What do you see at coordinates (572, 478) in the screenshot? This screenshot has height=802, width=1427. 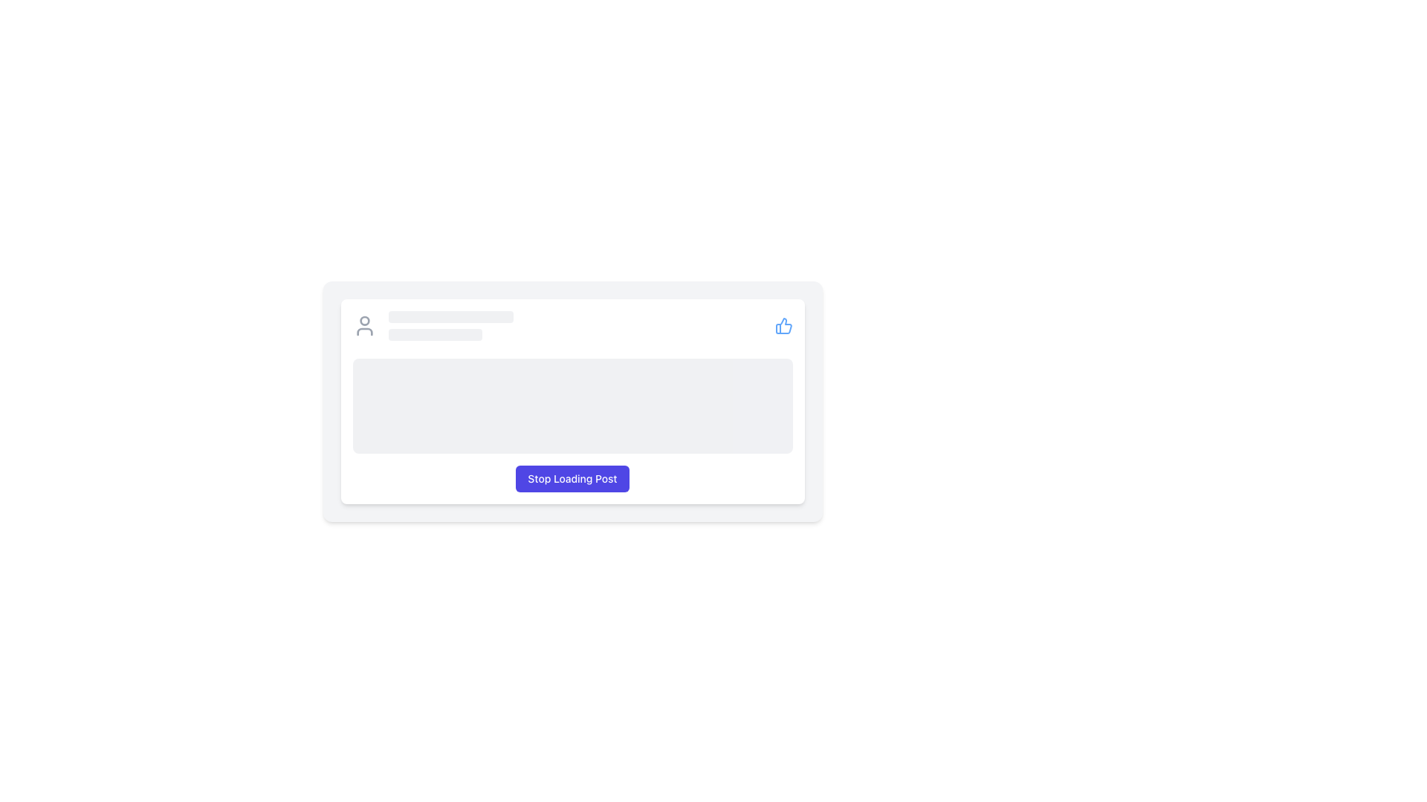 I see `the rectangular button labeled 'Stop Loading Post' with a dark indigo background` at bounding box center [572, 478].